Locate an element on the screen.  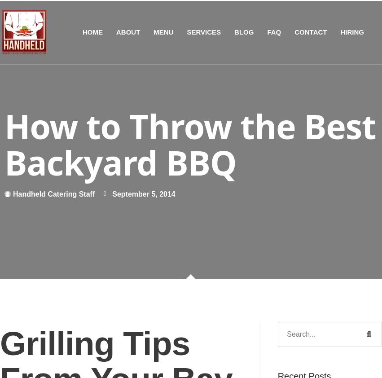
'How to Throw the Best Backyard BBQ' is located at coordinates (189, 144).